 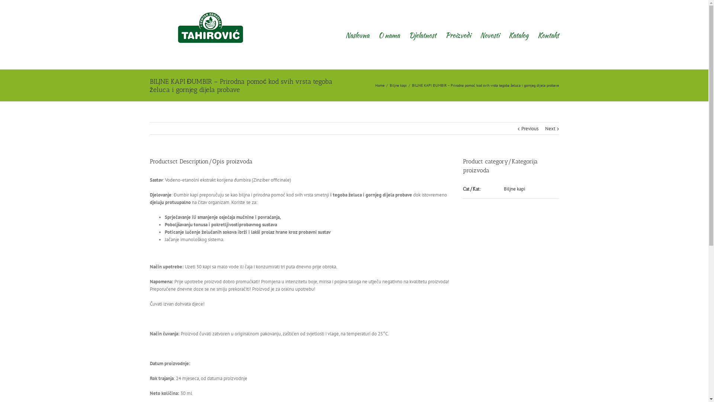 What do you see at coordinates (389, 85) in the screenshot?
I see `'Biljne kapi'` at bounding box center [389, 85].